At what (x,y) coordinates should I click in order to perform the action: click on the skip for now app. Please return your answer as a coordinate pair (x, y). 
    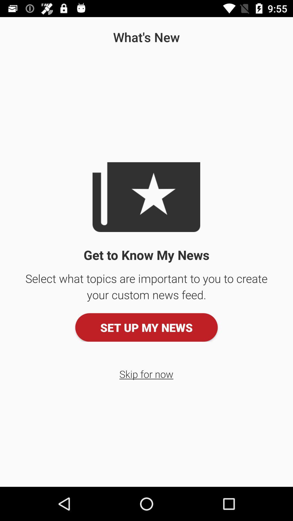
    Looking at the image, I should click on (146, 374).